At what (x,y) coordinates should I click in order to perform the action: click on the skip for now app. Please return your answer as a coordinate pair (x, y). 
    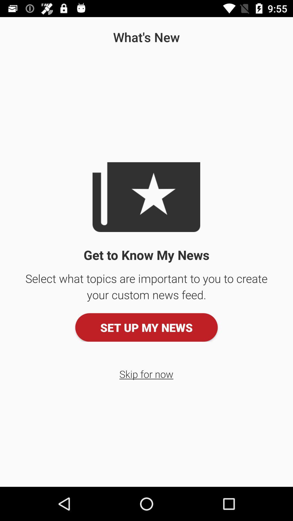
    Looking at the image, I should click on (146, 374).